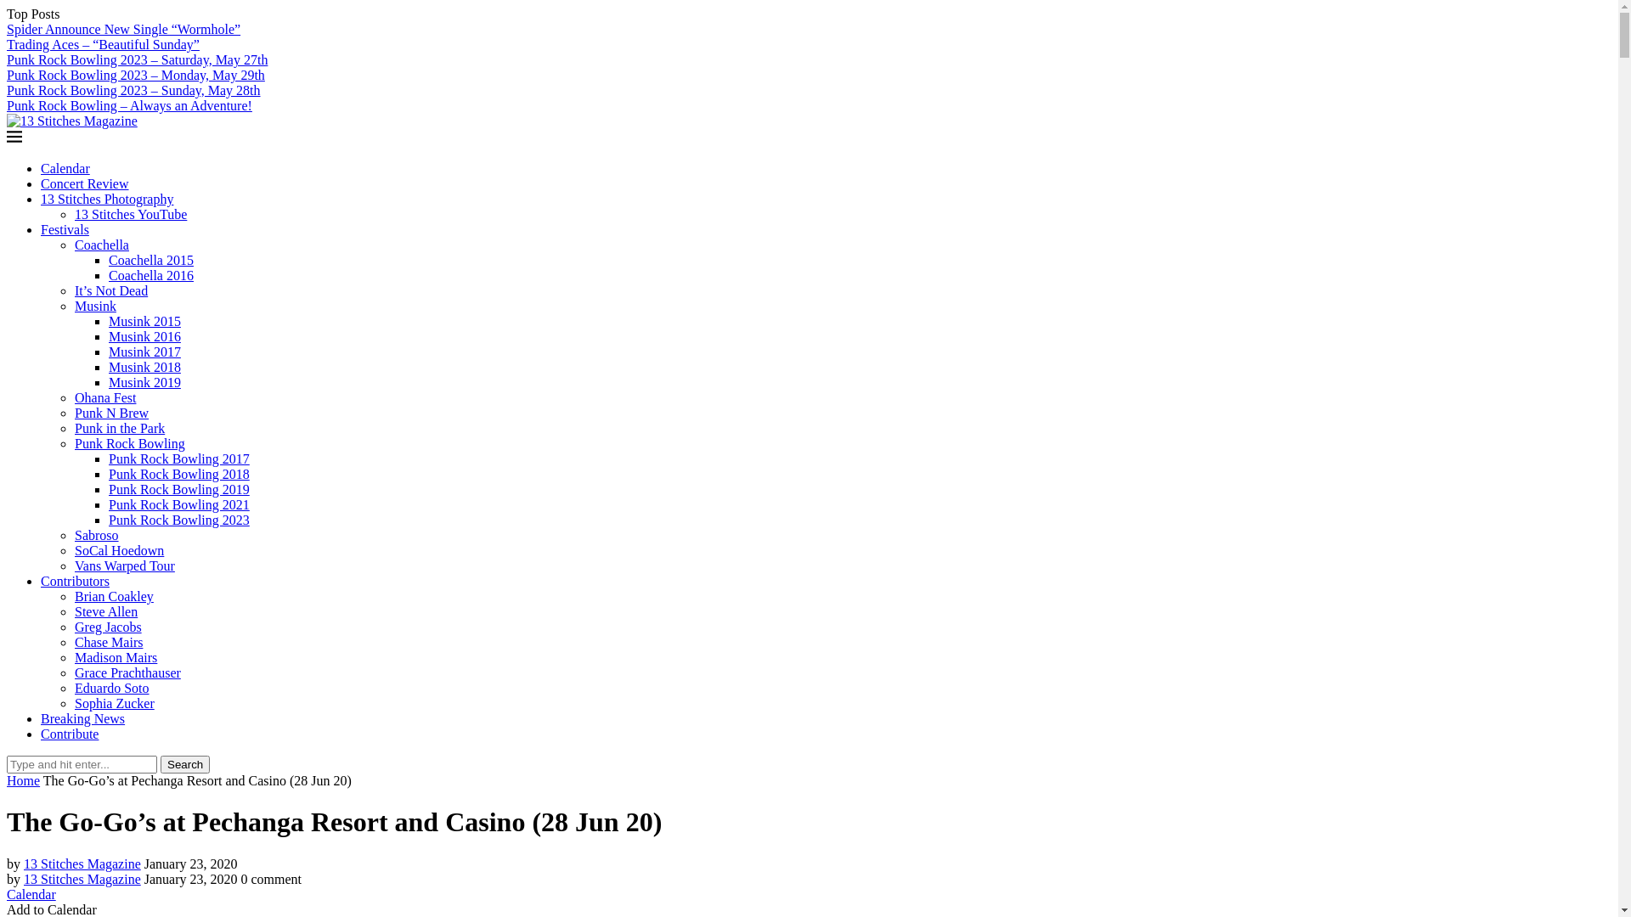 This screenshot has height=917, width=1631. I want to click on 'Musink 2017', so click(144, 351).